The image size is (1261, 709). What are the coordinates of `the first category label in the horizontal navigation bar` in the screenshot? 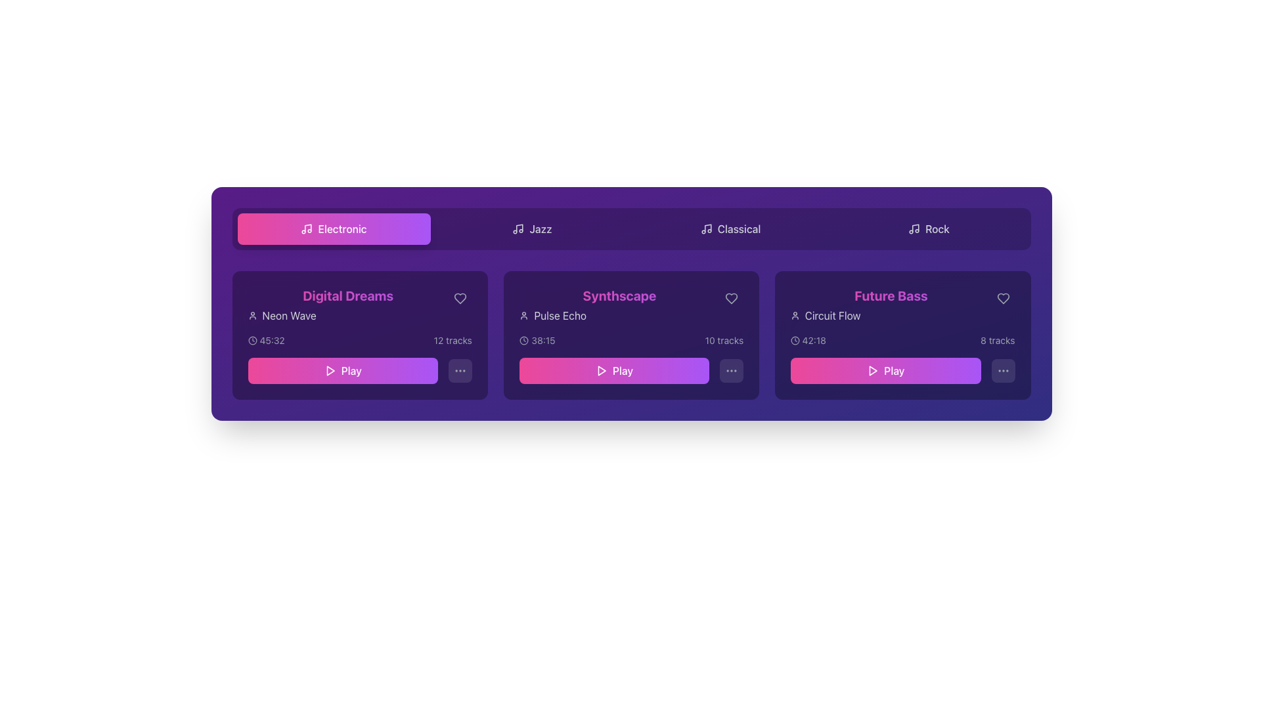 It's located at (342, 228).